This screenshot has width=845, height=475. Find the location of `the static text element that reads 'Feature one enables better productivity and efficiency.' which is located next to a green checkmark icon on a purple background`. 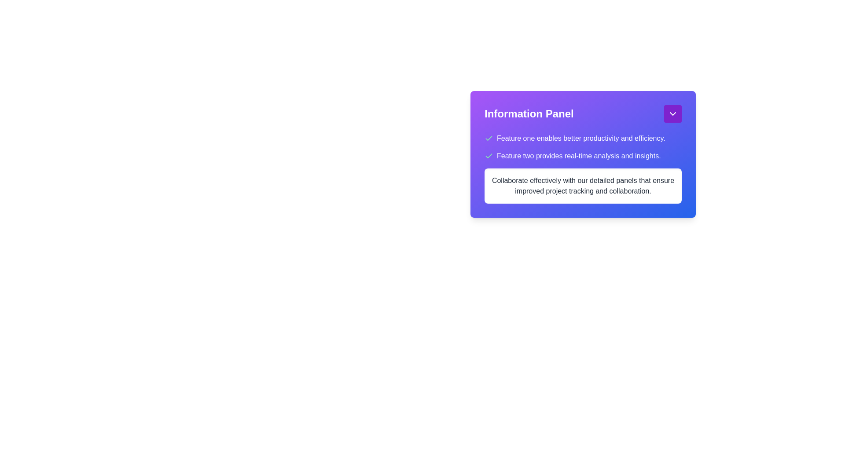

the static text element that reads 'Feature one enables better productivity and efficiency.' which is located next to a green checkmark icon on a purple background is located at coordinates (581, 139).